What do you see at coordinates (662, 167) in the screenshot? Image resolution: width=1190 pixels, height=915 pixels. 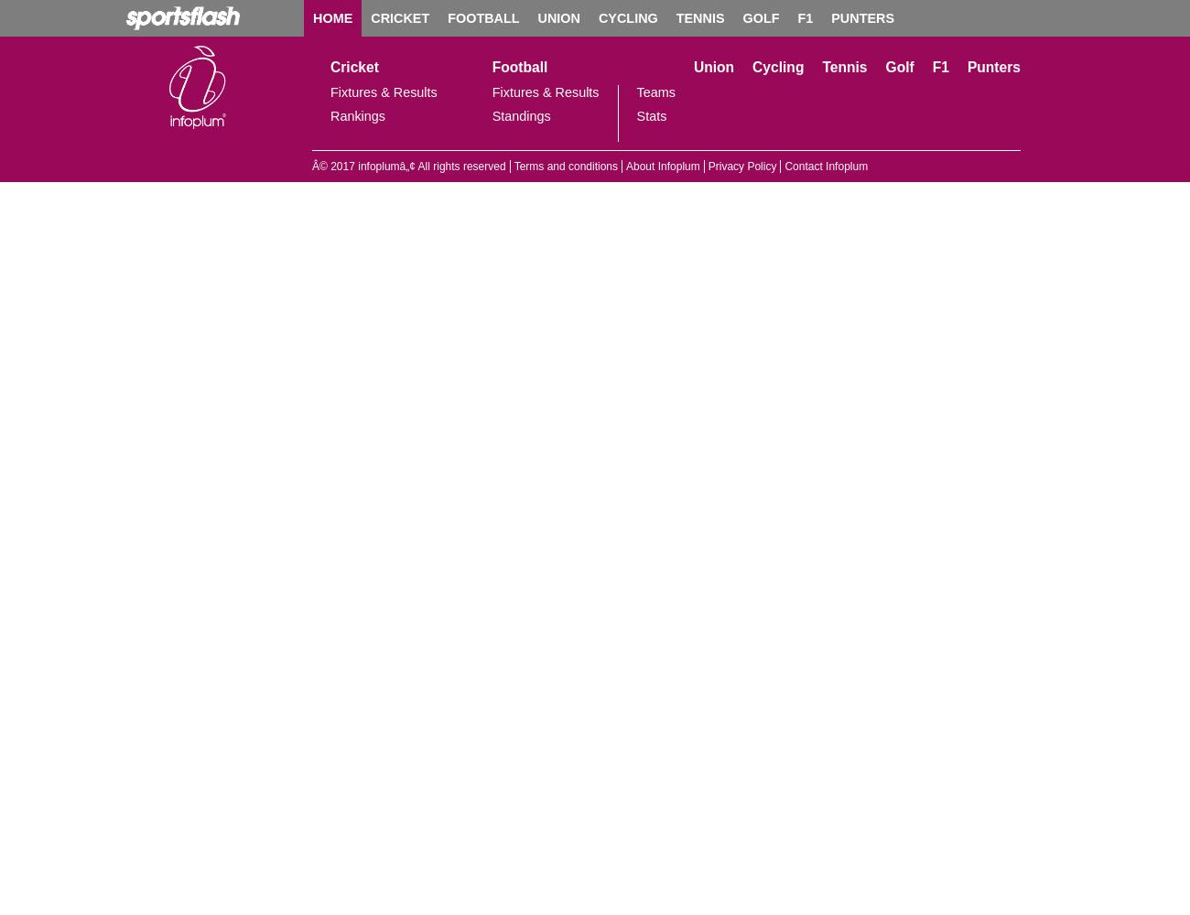 I see `'About Infoplum'` at bounding box center [662, 167].